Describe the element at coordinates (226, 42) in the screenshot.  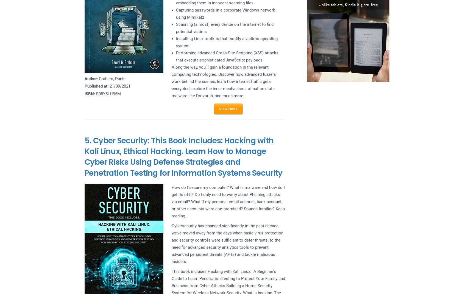
I see `'Installing Linux rootkits that modify a victim’s operating system'` at that location.